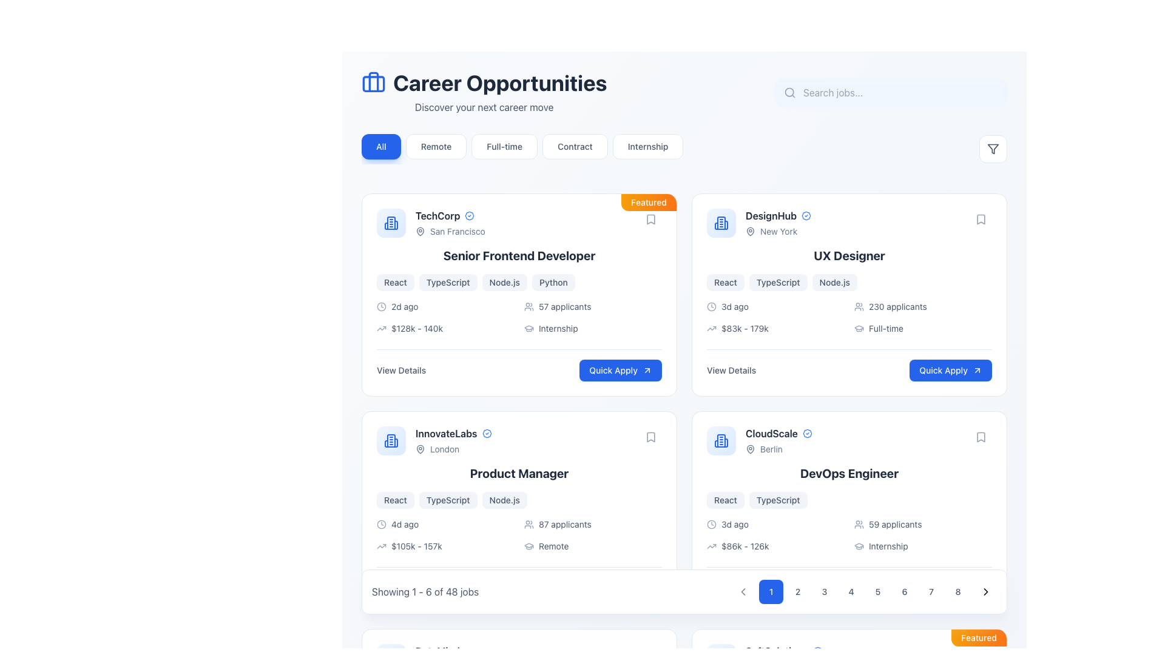  What do you see at coordinates (396, 225) in the screenshot?
I see `the rightmost vertical stroke of the building icon, which is styled with a simple black outline and is part of an SVG graphic` at bounding box center [396, 225].